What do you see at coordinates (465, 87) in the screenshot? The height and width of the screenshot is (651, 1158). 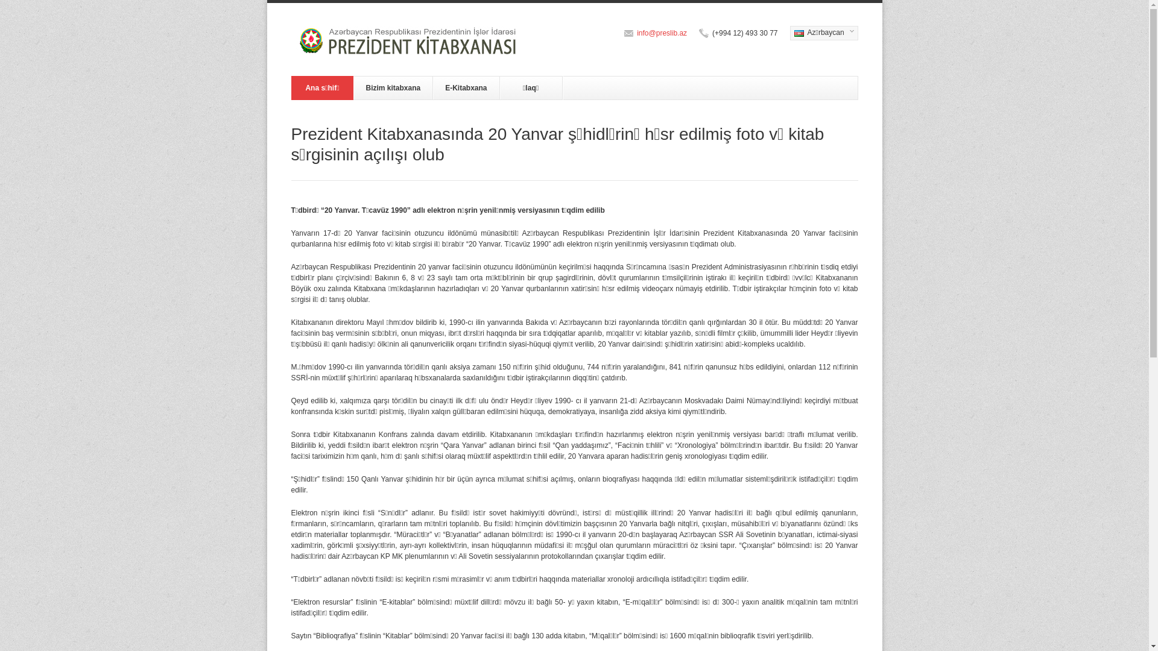 I see `'E-Kitabxana'` at bounding box center [465, 87].